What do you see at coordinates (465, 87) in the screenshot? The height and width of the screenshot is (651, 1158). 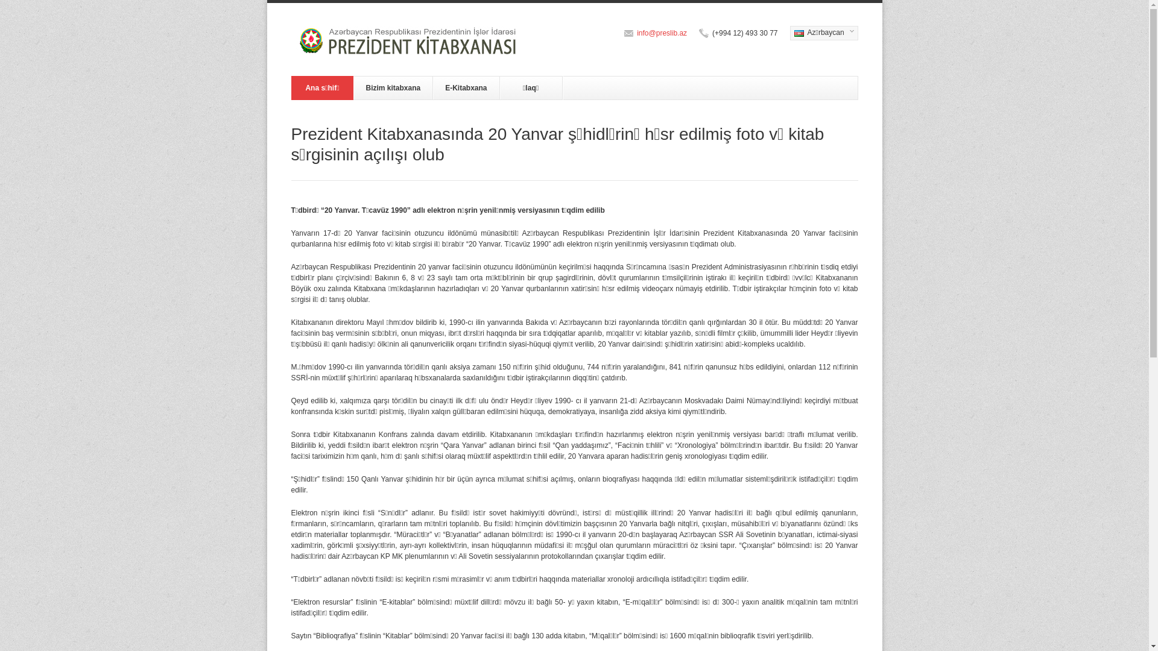 I see `'E-Kitabxana'` at bounding box center [465, 87].